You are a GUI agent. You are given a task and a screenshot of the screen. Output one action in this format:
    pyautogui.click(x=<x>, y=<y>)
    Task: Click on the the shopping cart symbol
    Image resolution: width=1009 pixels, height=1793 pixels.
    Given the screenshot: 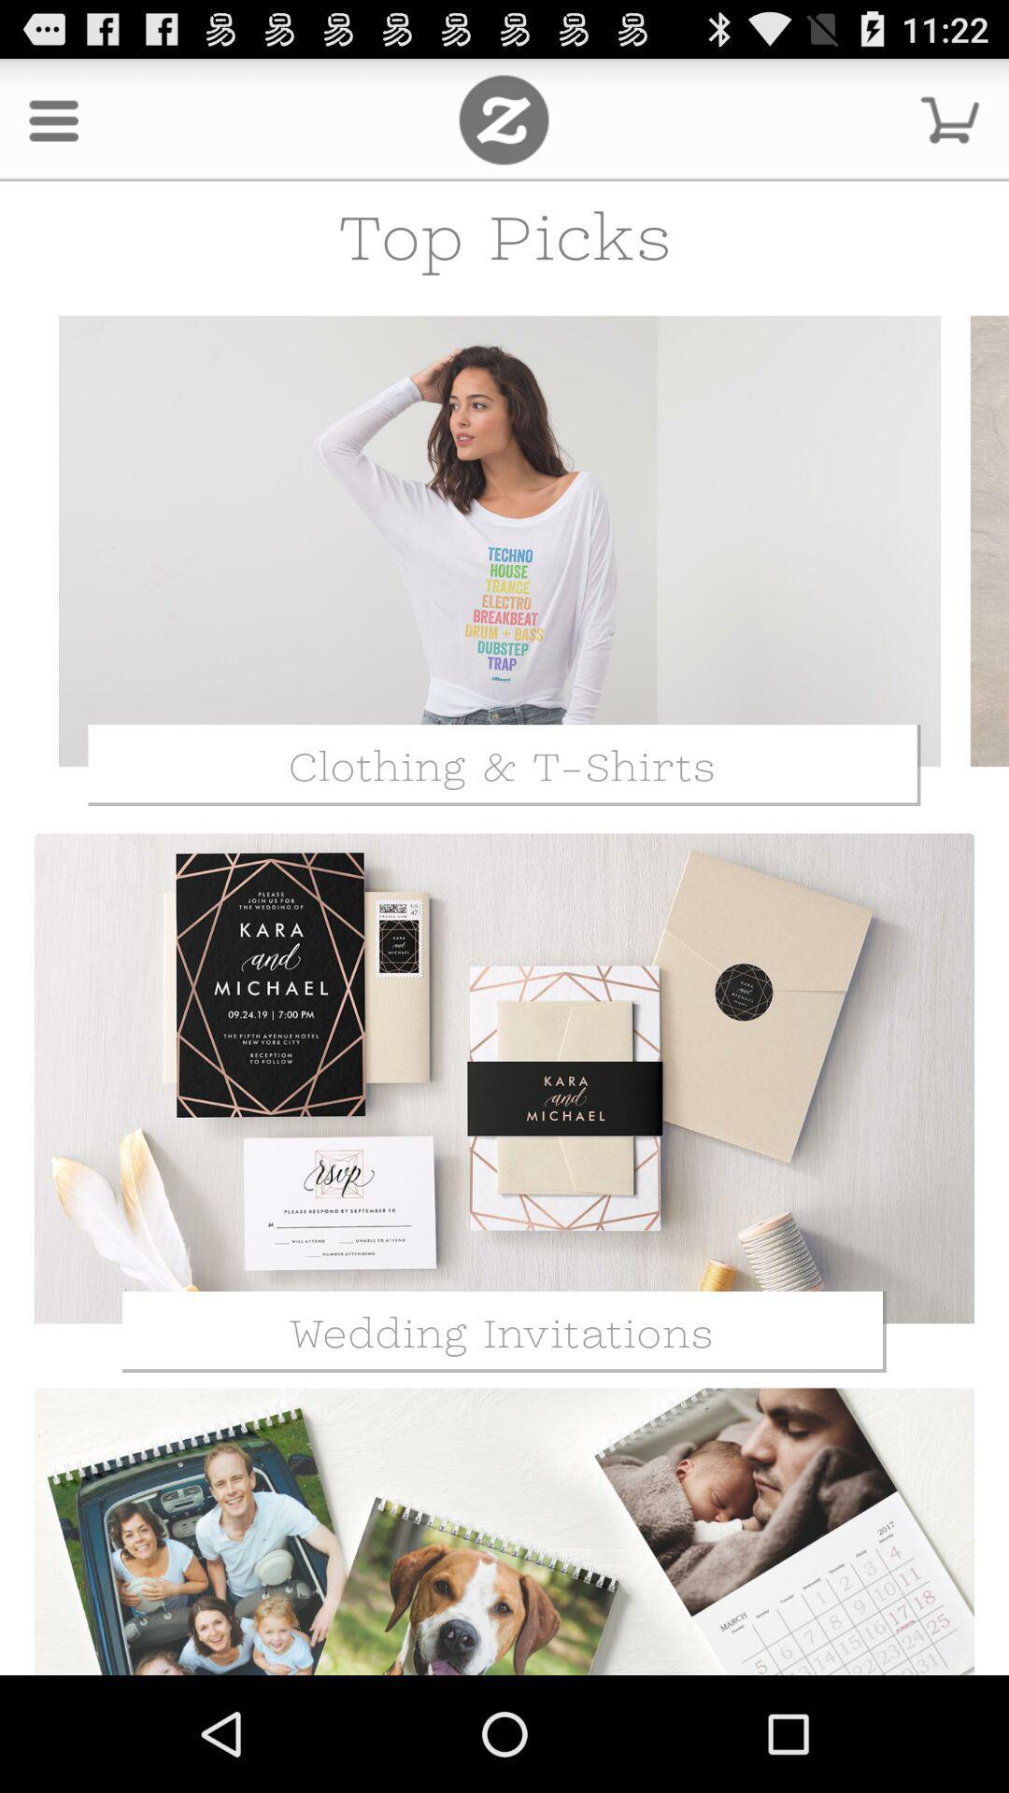 What is the action you would take?
    pyautogui.click(x=950, y=119)
    